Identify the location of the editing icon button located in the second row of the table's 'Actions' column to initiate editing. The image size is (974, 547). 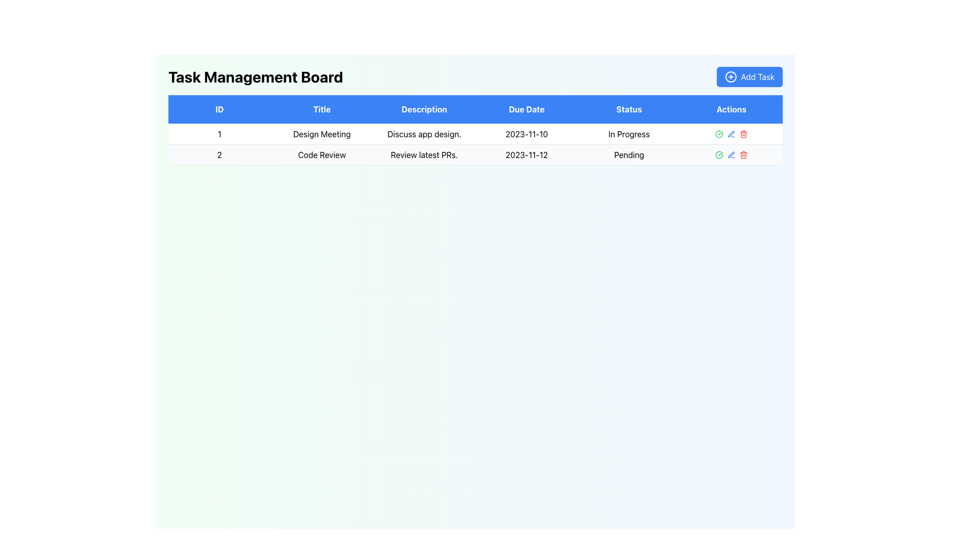
(732, 134).